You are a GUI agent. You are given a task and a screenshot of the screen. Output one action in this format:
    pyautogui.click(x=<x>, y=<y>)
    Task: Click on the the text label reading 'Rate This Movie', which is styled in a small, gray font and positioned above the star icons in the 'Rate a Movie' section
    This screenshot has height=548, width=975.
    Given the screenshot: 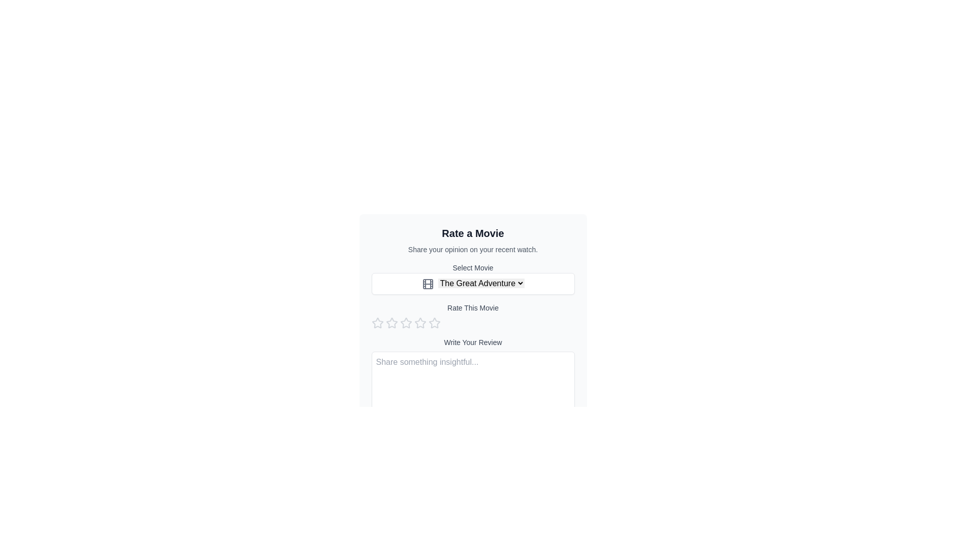 What is the action you would take?
    pyautogui.click(x=472, y=307)
    